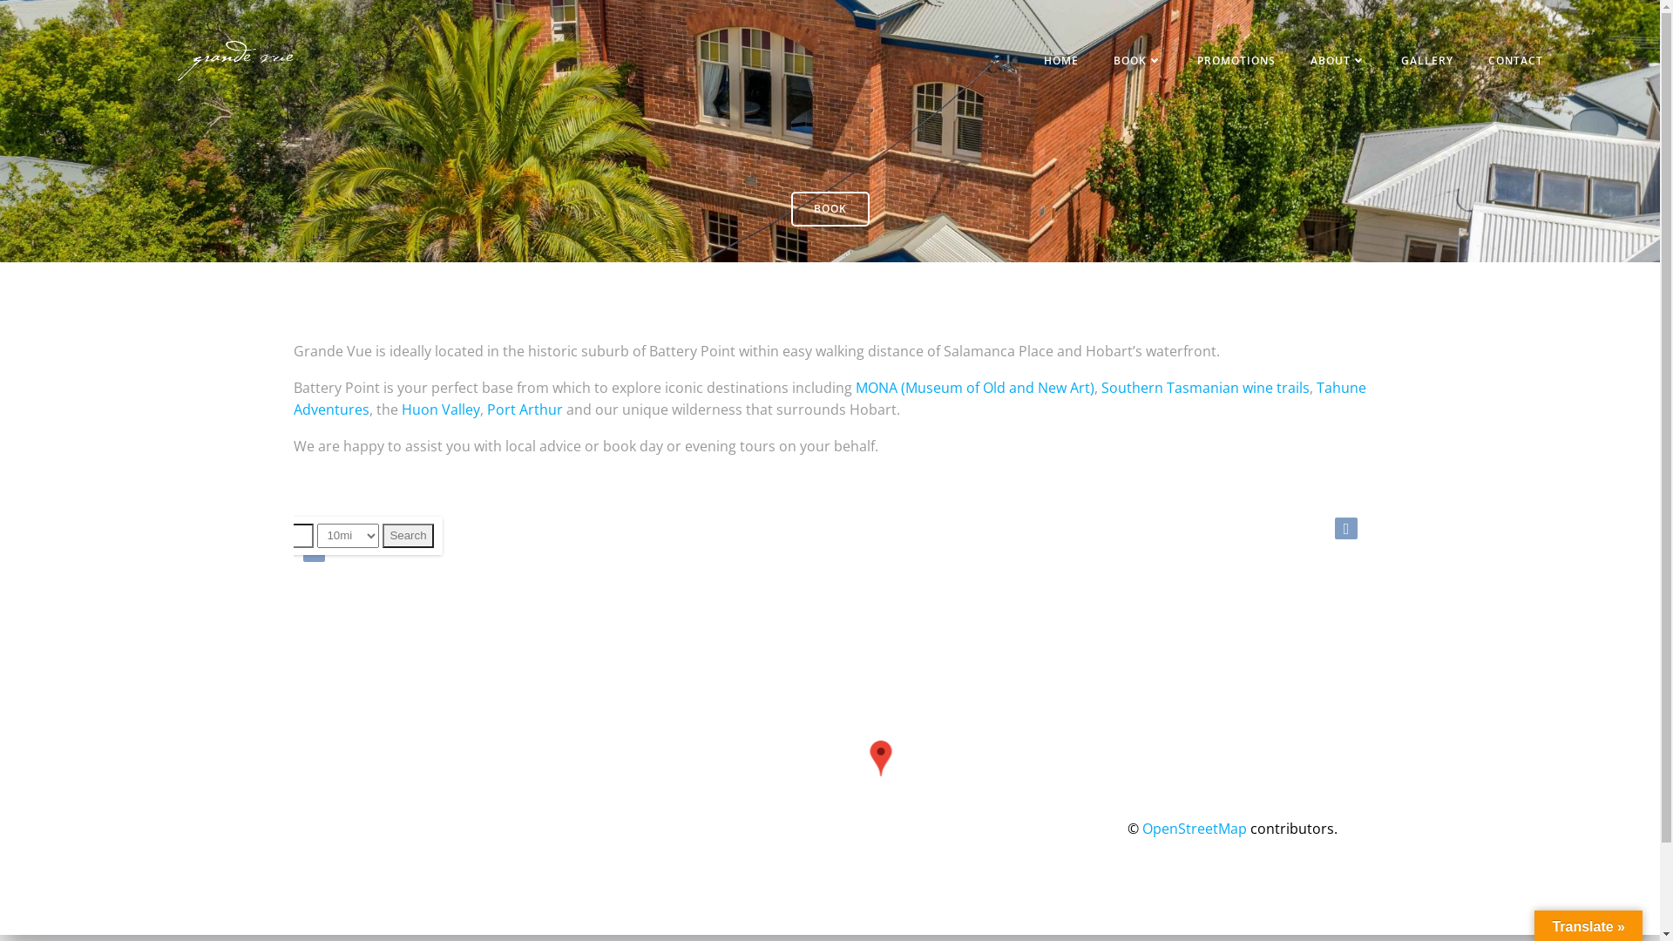 Image resolution: width=1673 pixels, height=941 pixels. What do you see at coordinates (1514, 59) in the screenshot?
I see `'CONTACT'` at bounding box center [1514, 59].